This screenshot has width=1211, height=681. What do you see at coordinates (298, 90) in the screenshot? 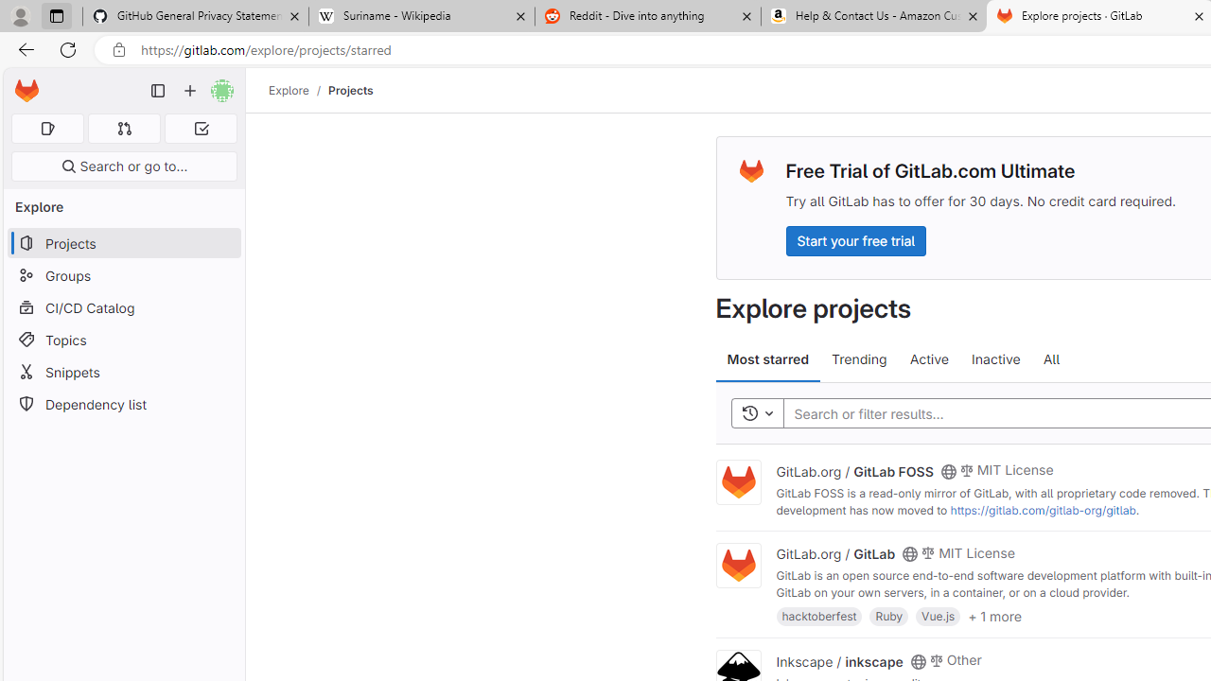
I see `'Explore/'` at bounding box center [298, 90].